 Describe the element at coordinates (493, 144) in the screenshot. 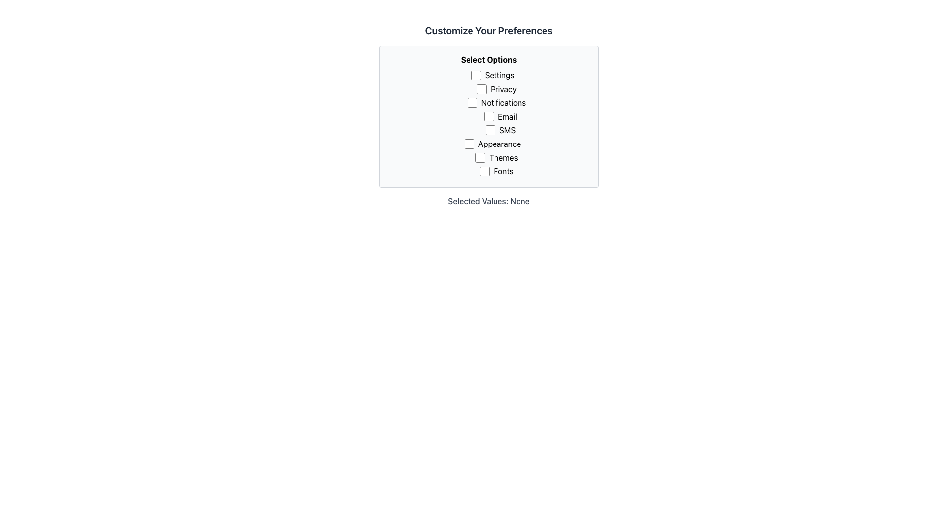

I see `the checkbox labeled 'Appearance' located in the 'Select Options' section of 'Customize Your Preferences', which is the fourth item in the list` at that location.